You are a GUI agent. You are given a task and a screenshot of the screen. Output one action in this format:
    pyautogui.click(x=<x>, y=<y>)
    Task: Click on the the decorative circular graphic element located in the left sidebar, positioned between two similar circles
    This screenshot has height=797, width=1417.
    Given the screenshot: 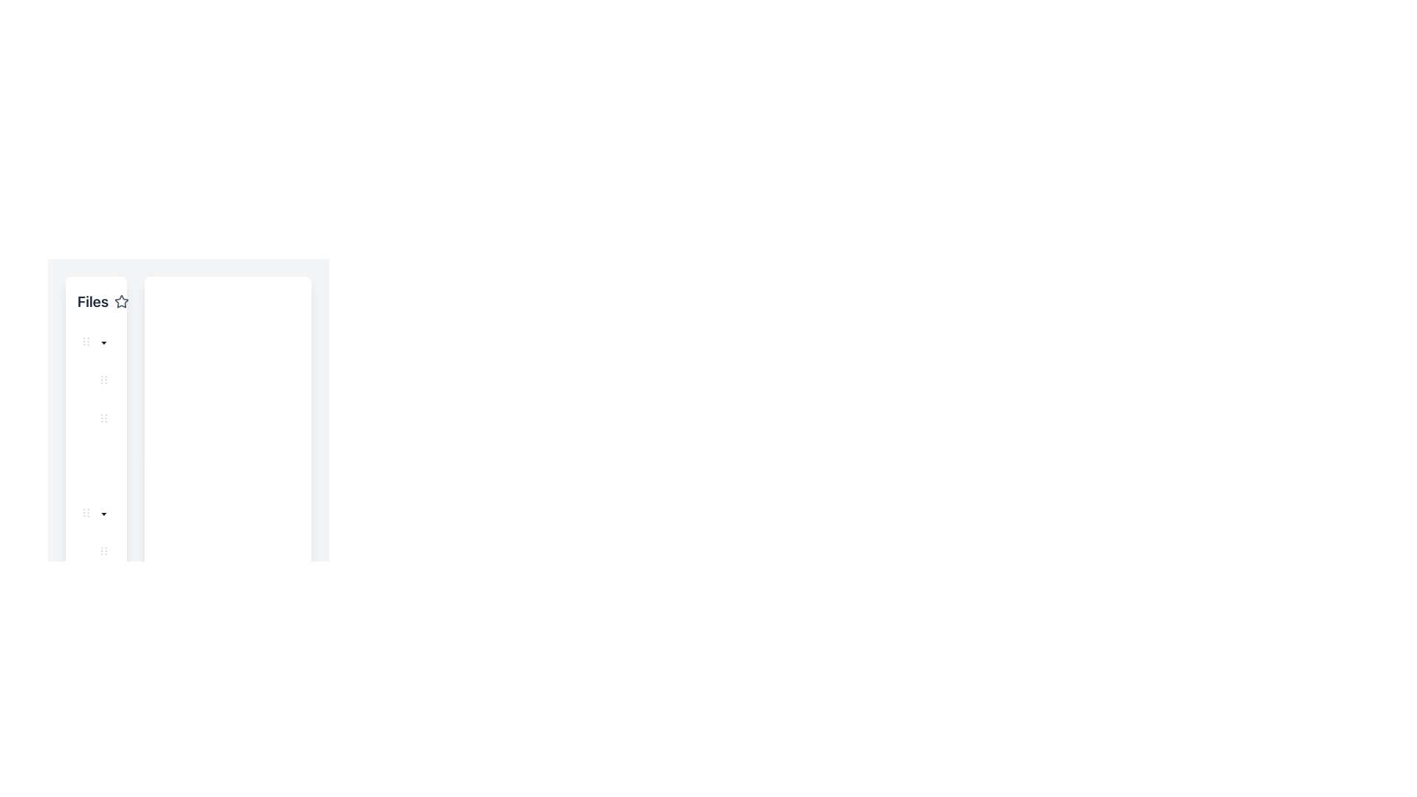 What is the action you would take?
    pyautogui.click(x=121, y=474)
    